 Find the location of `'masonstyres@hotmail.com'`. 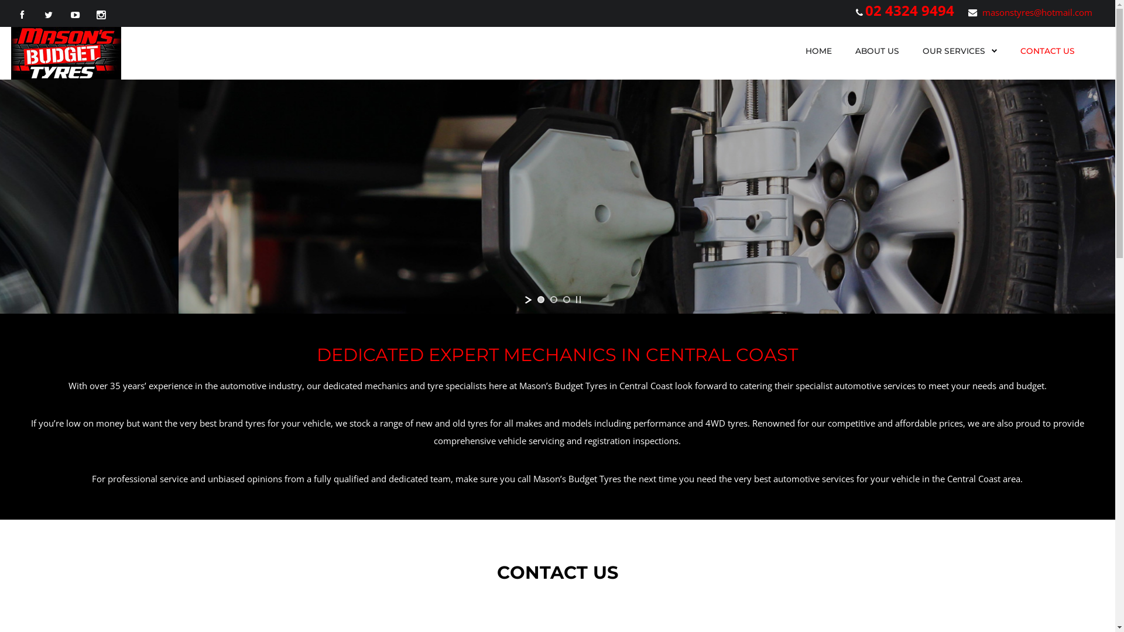

'masonstyres@hotmail.com' is located at coordinates (1037, 12).